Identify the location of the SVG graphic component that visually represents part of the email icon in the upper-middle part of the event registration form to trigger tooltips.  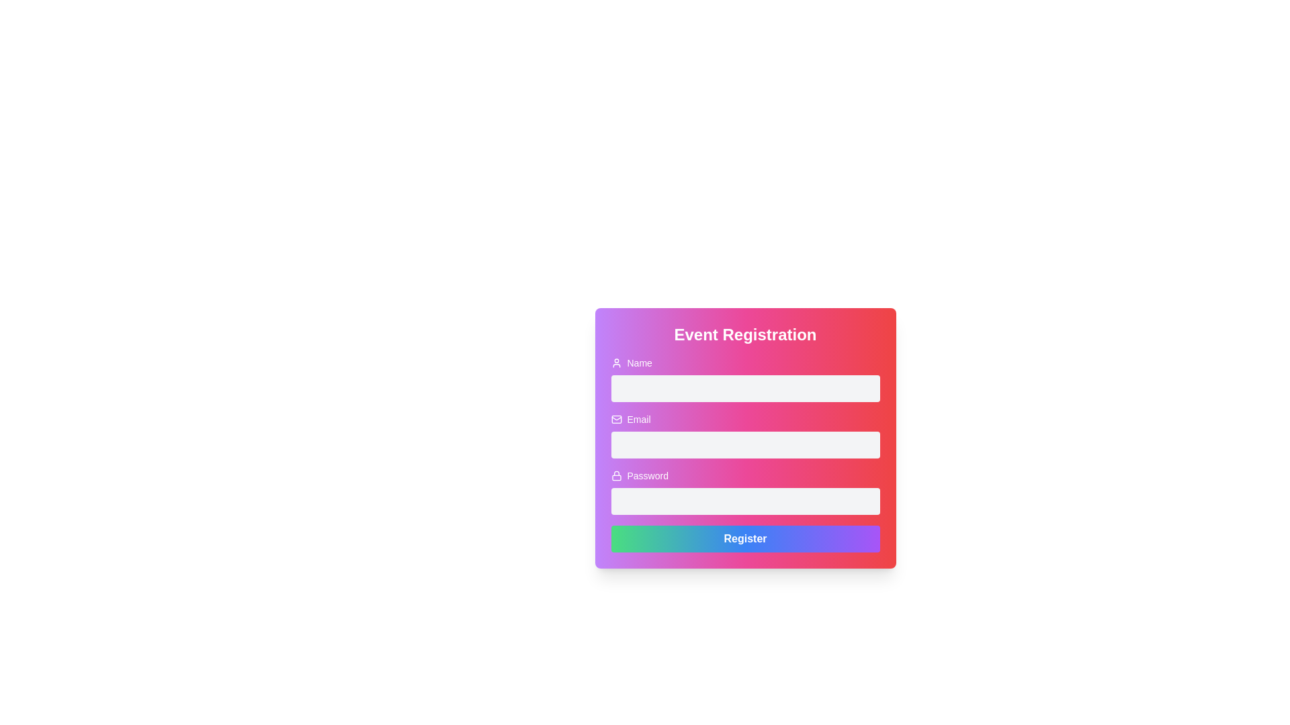
(615, 418).